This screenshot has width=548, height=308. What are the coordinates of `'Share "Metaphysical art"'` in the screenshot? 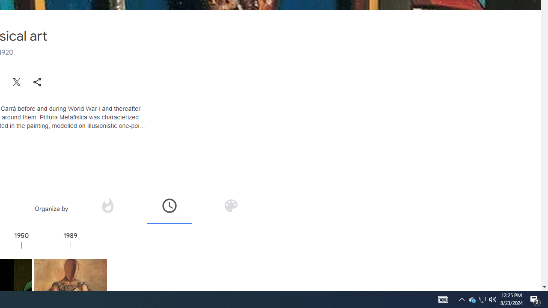 It's located at (37, 82).